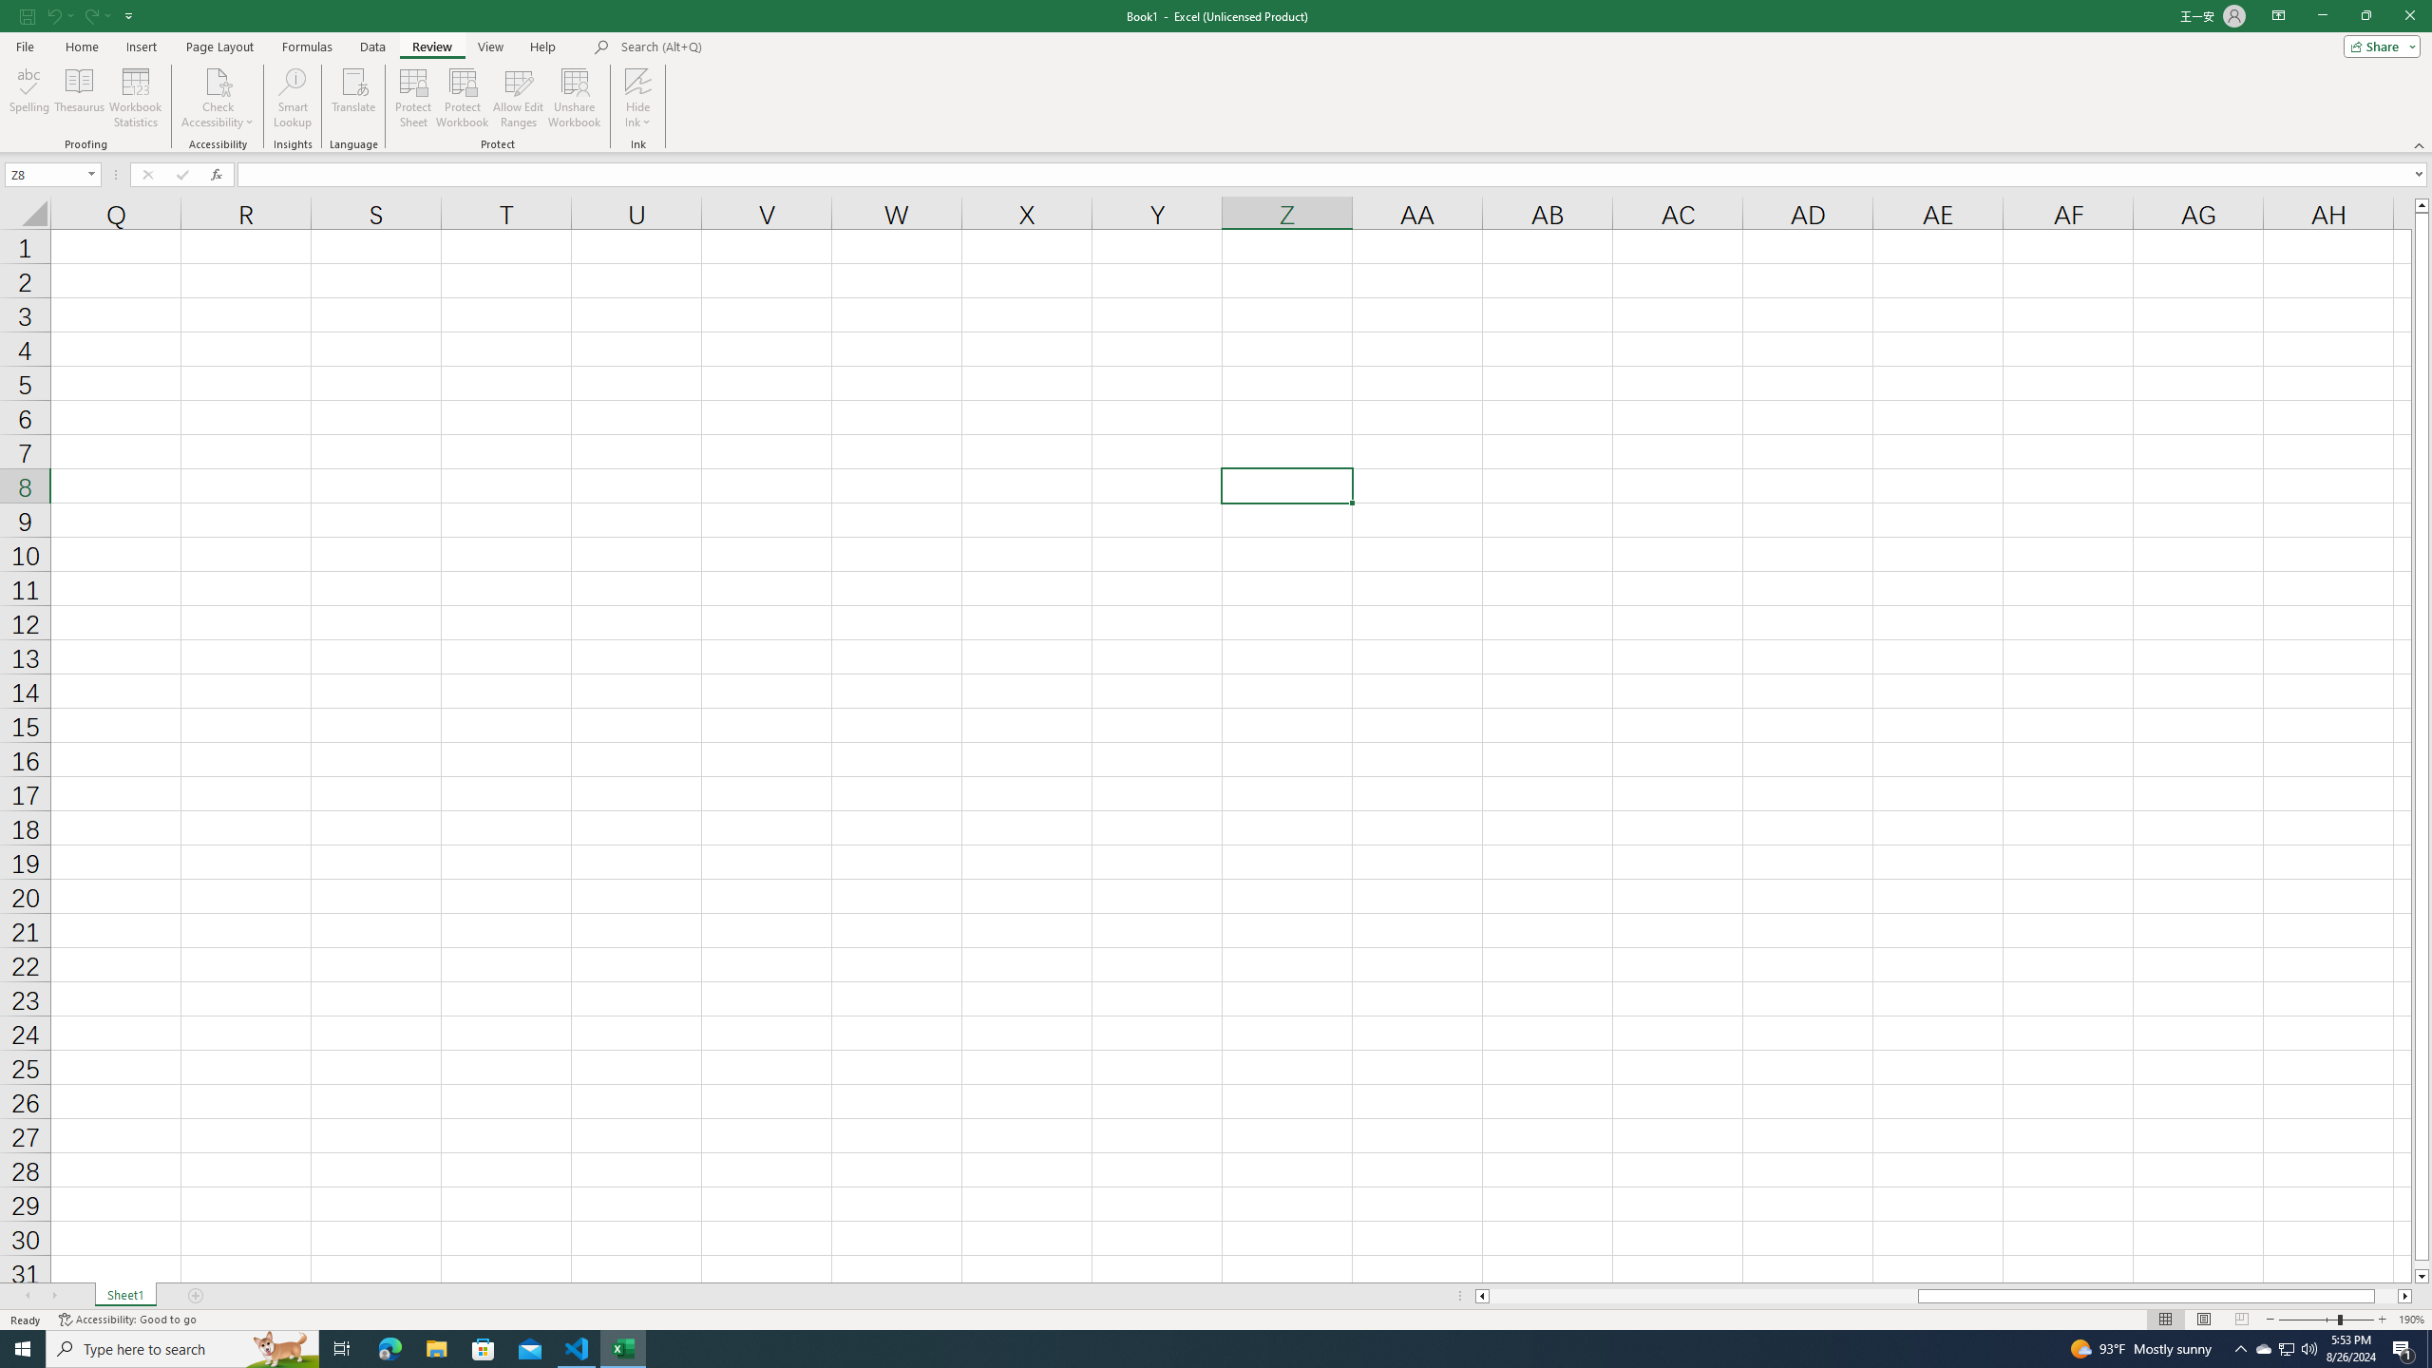  I want to click on 'Line up', so click(2421, 204).